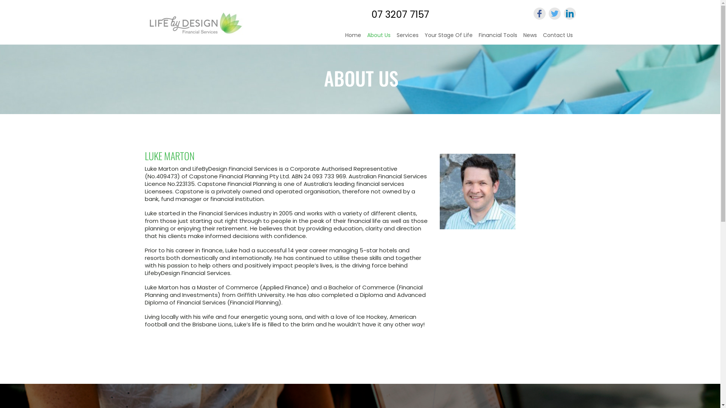  What do you see at coordinates (477, 191) in the screenshot?
I see `'LBDFS_About'` at bounding box center [477, 191].